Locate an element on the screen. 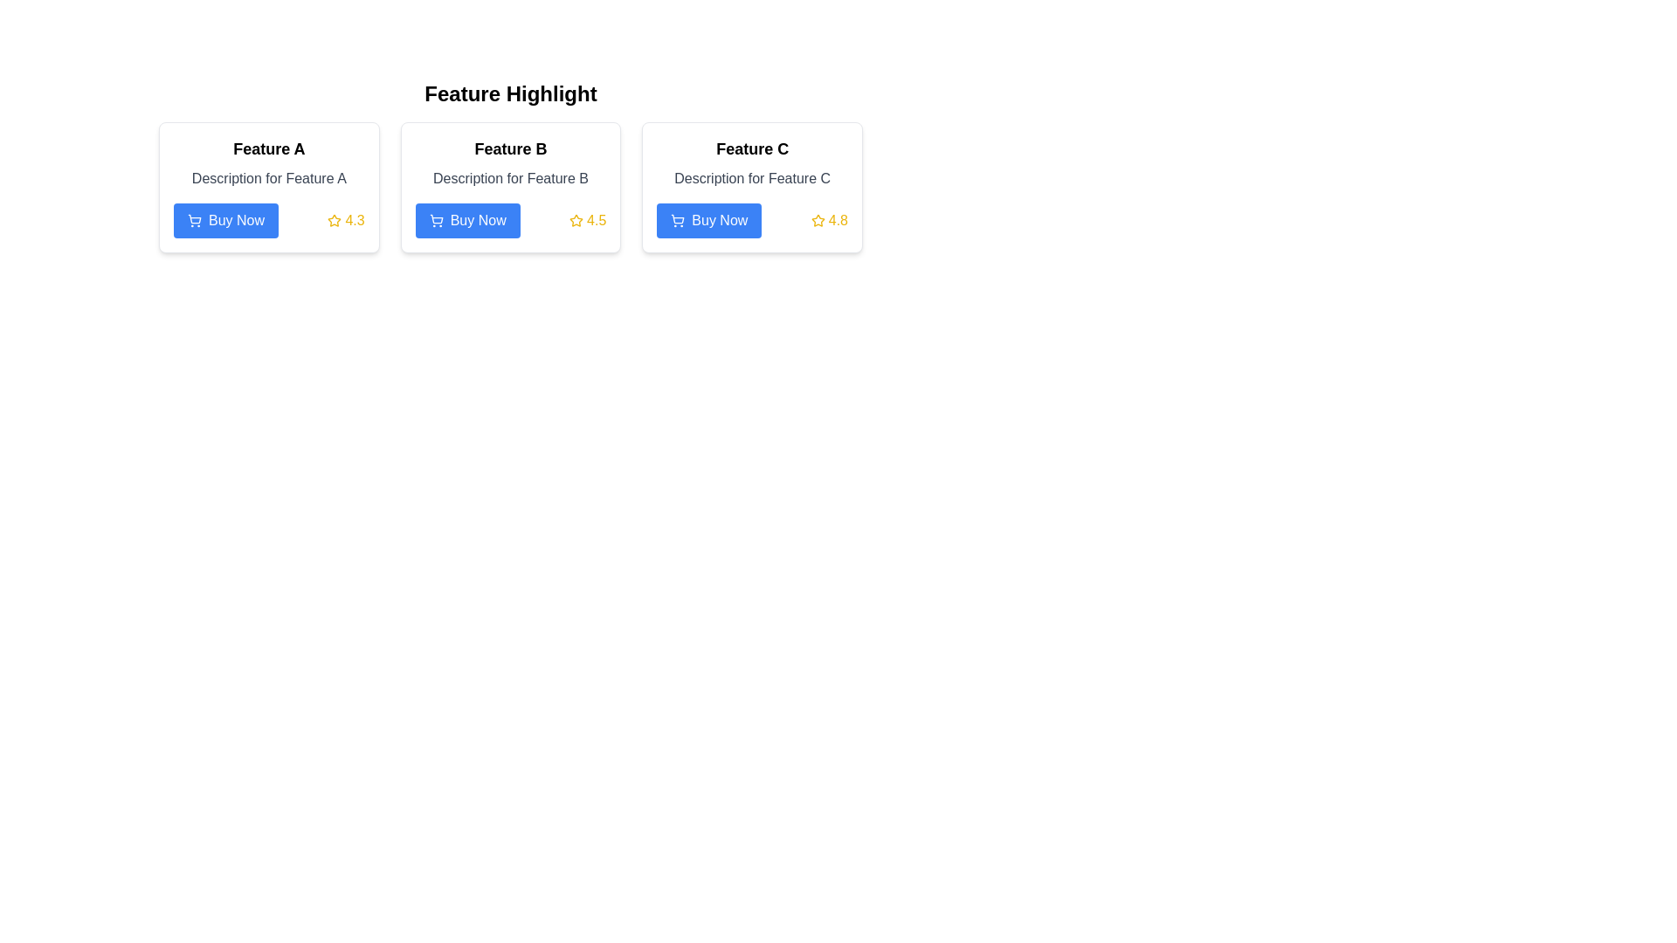  text 'Feature B' displayed in bold at the top of the second card in the horizontal row of three cards, which is centered below the heading 'Feature Highlight' is located at coordinates (510, 148).